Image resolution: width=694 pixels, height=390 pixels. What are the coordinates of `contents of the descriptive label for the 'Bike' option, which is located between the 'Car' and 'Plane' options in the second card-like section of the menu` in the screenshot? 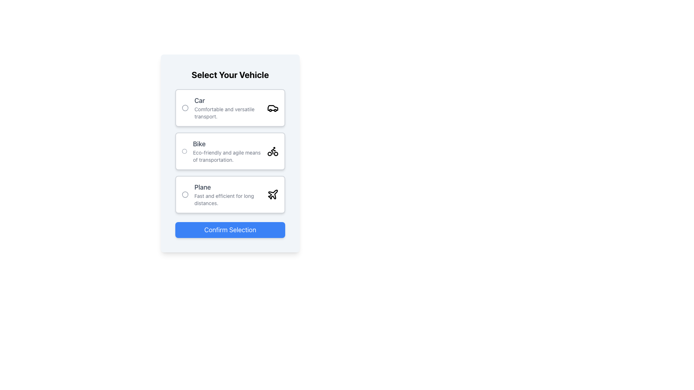 It's located at (227, 151).